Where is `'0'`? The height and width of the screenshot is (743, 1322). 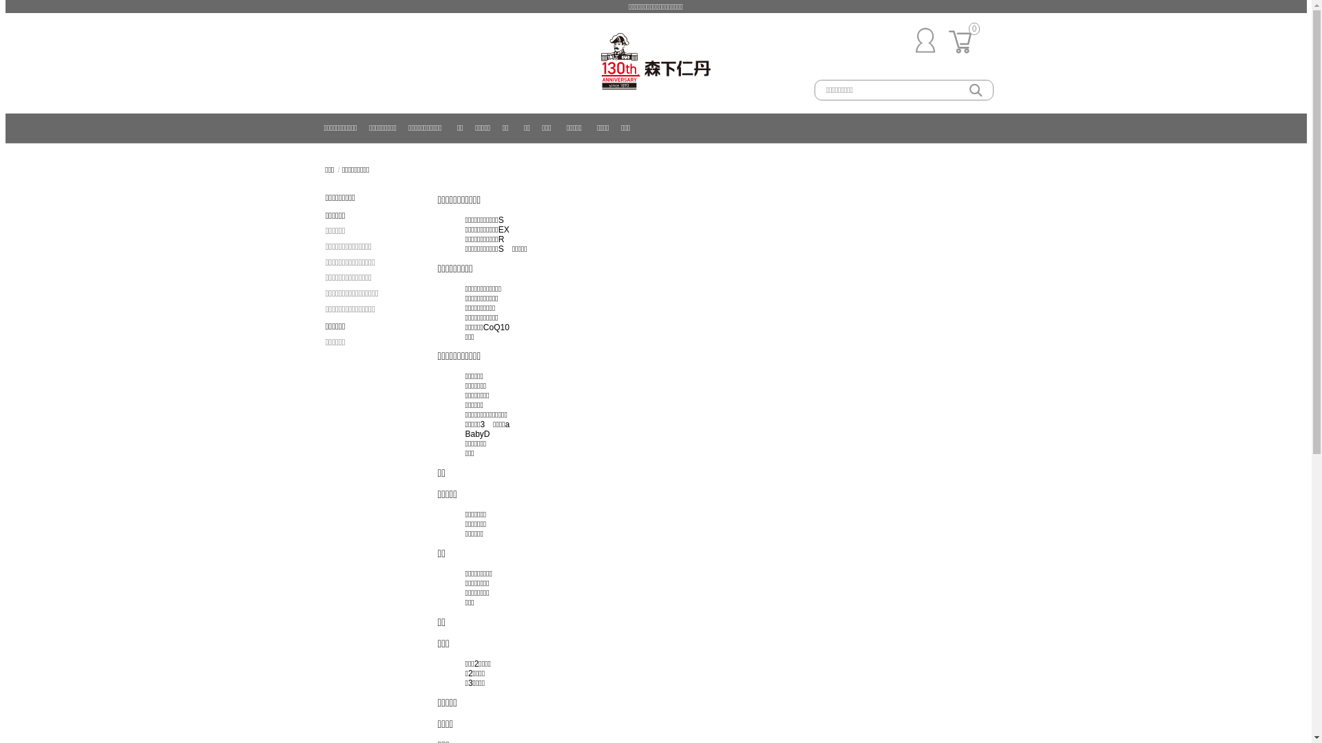 '0' is located at coordinates (963, 55).